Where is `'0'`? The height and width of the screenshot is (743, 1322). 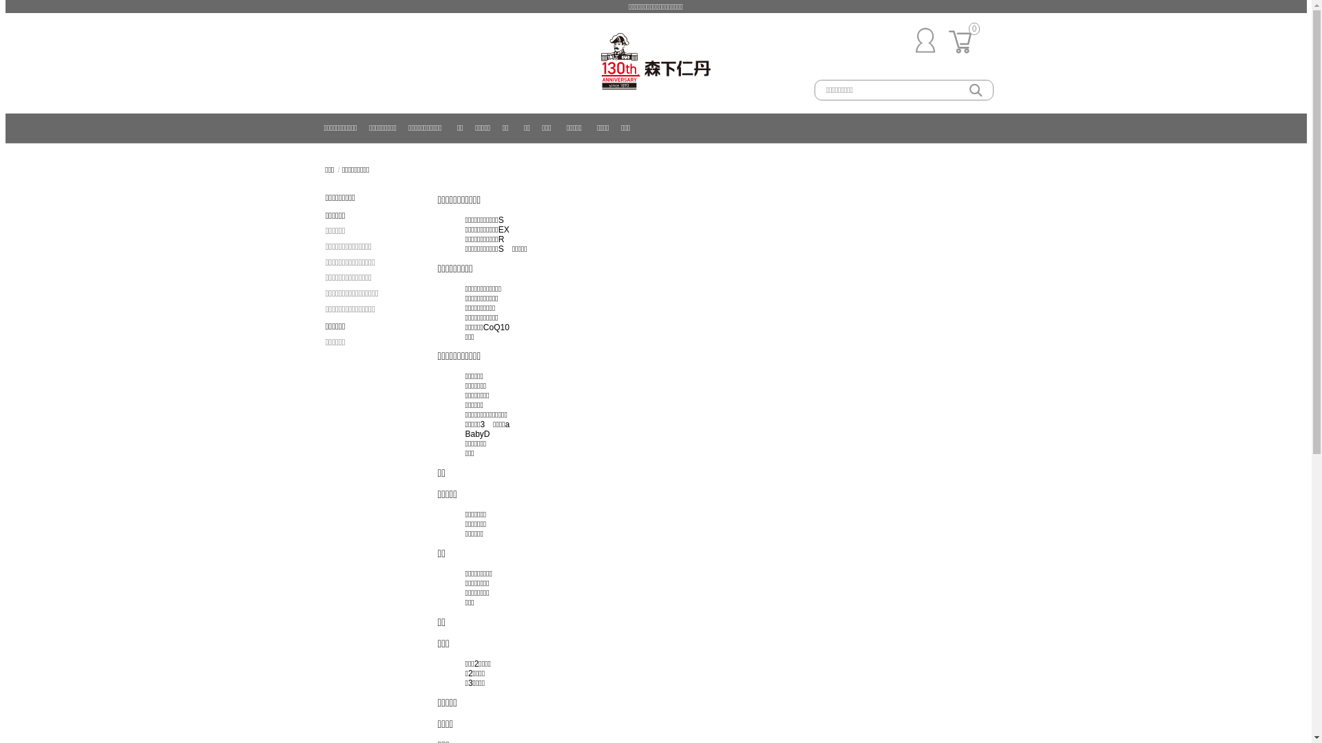 '0' is located at coordinates (963, 55).